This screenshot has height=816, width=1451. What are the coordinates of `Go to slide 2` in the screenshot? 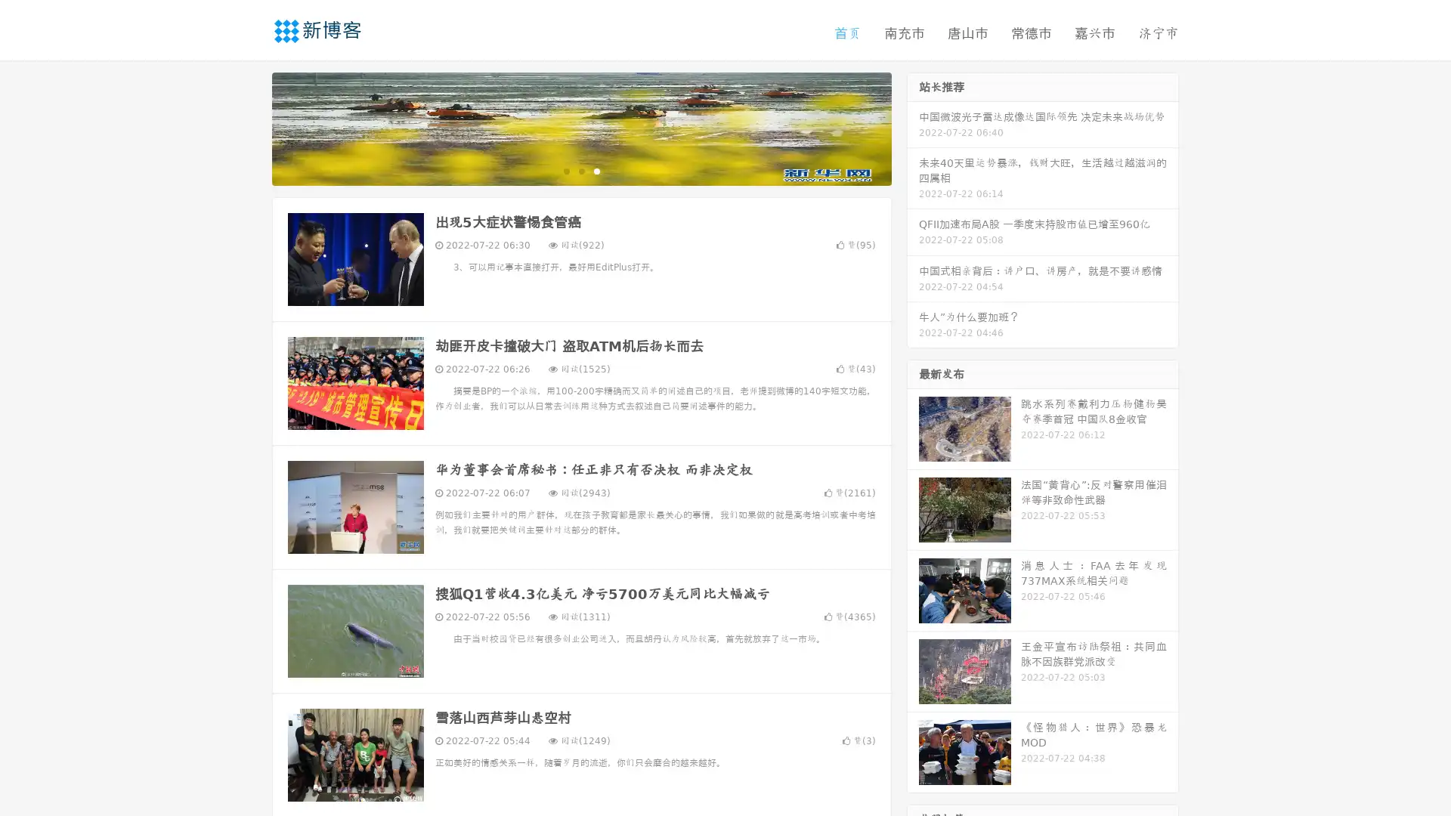 It's located at (580, 170).